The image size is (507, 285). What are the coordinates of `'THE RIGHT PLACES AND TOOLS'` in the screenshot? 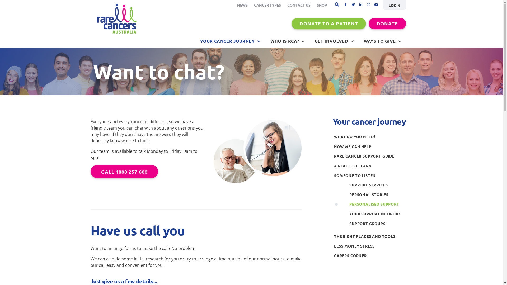 It's located at (371, 236).